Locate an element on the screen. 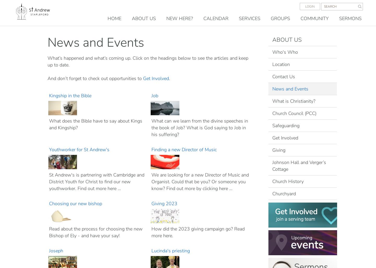 The image size is (376, 268). 'LOGIN' is located at coordinates (310, 6).